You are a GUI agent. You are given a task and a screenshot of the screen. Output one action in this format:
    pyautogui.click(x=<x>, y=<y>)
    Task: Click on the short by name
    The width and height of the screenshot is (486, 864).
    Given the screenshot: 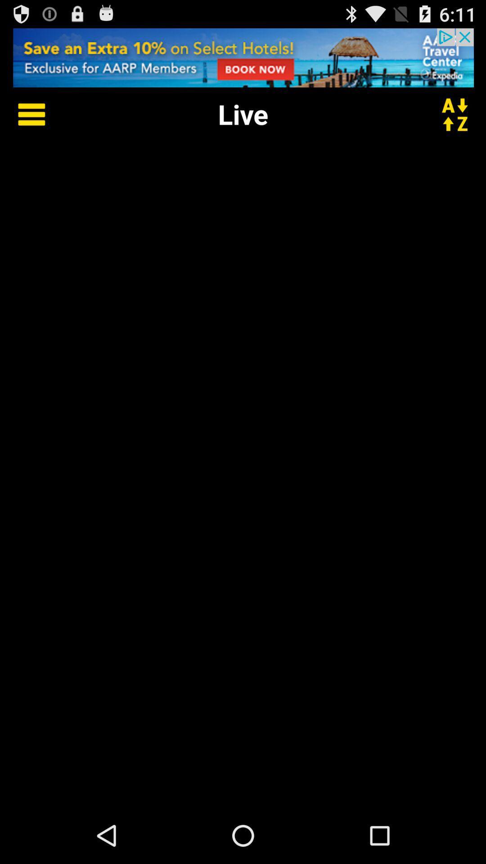 What is the action you would take?
    pyautogui.click(x=460, y=113)
    